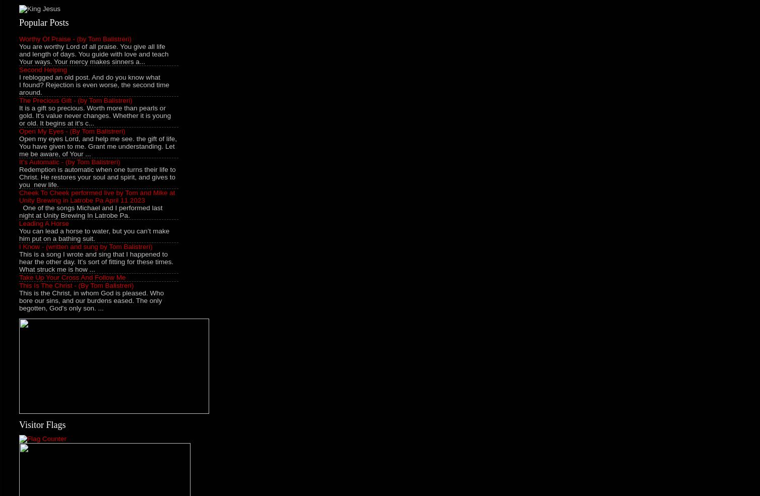  I want to click on 'Popular Posts', so click(44, 22).